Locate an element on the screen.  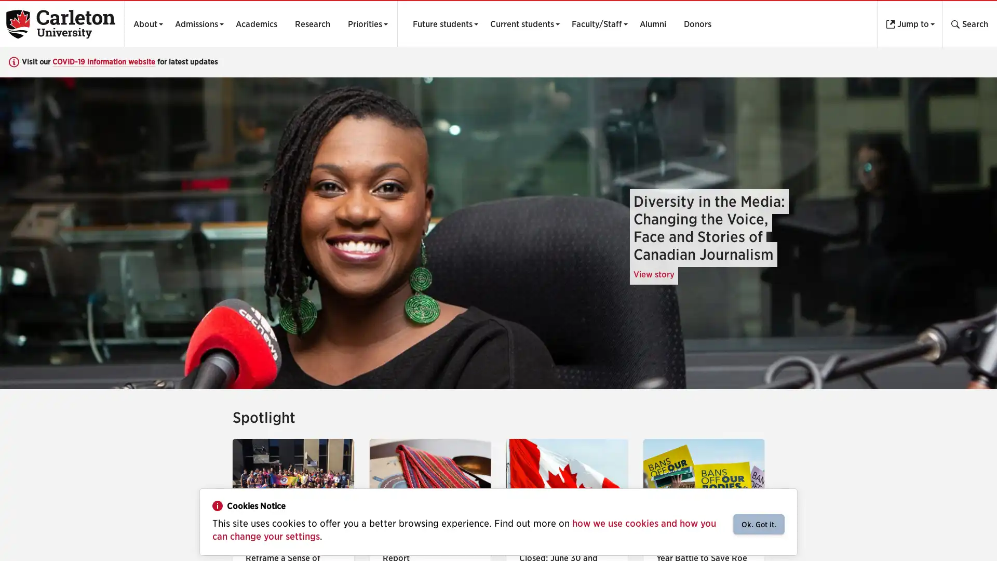
Open Menu is located at coordinates (442, 23).